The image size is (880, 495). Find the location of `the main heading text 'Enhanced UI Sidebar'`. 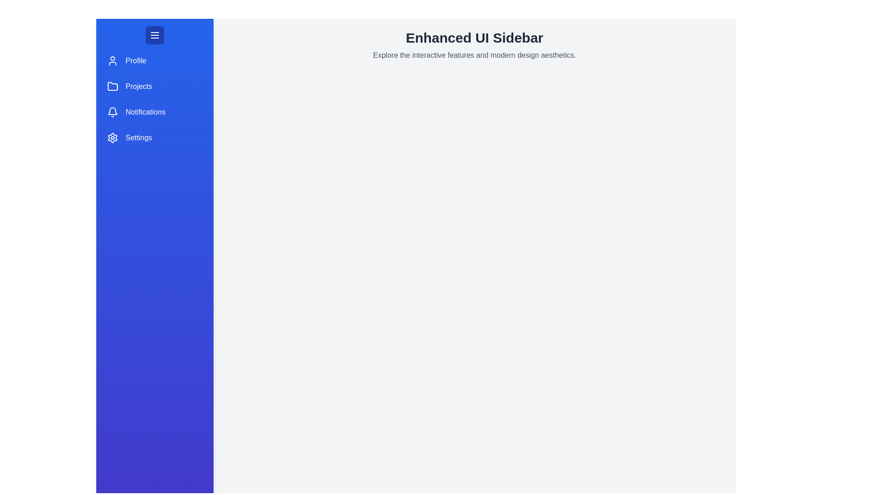

the main heading text 'Enhanced UI Sidebar' is located at coordinates (474, 38).